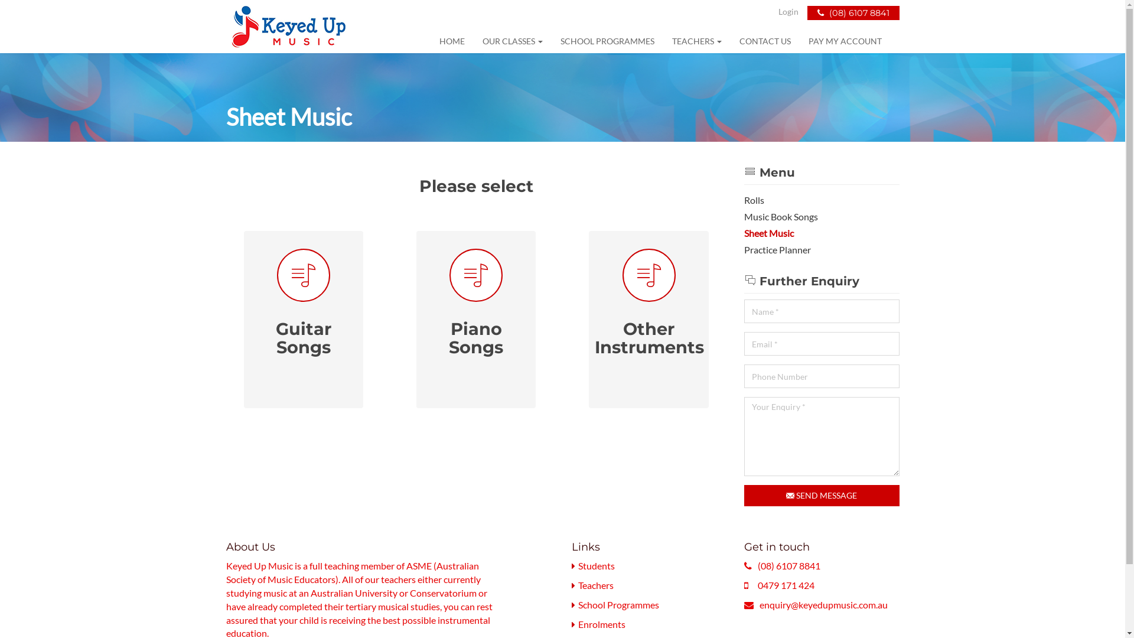 The height and width of the screenshot is (638, 1134). I want to click on 'Other, so click(648, 302).